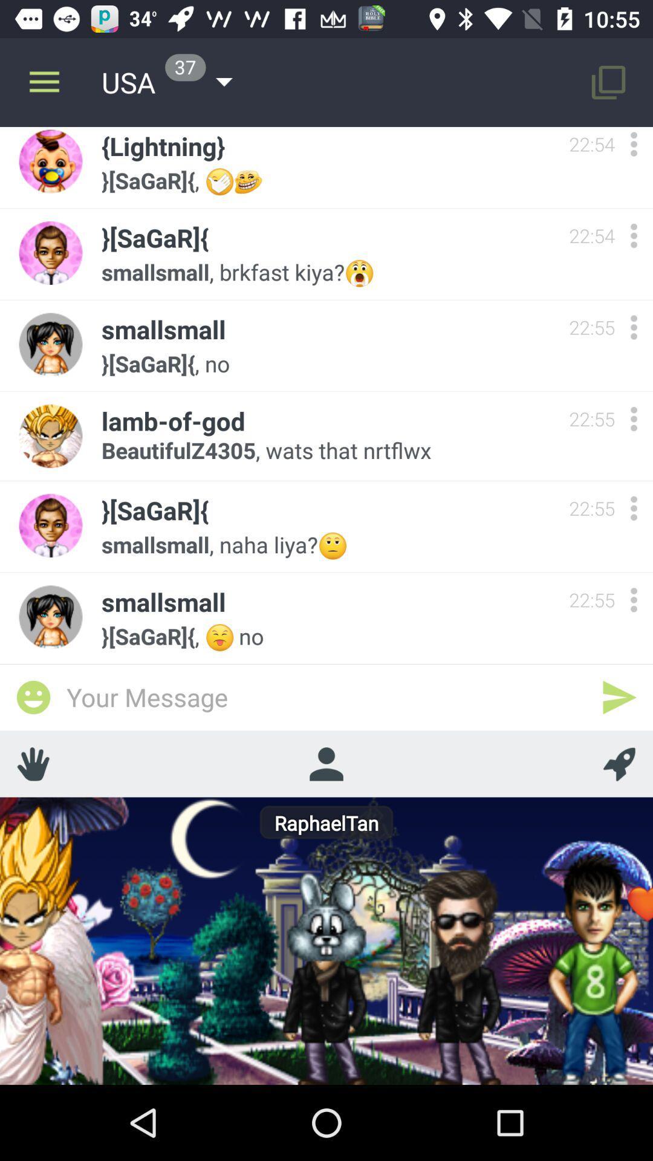 This screenshot has height=1161, width=653. Describe the element at coordinates (633, 145) in the screenshot. I see `the more icon` at that location.